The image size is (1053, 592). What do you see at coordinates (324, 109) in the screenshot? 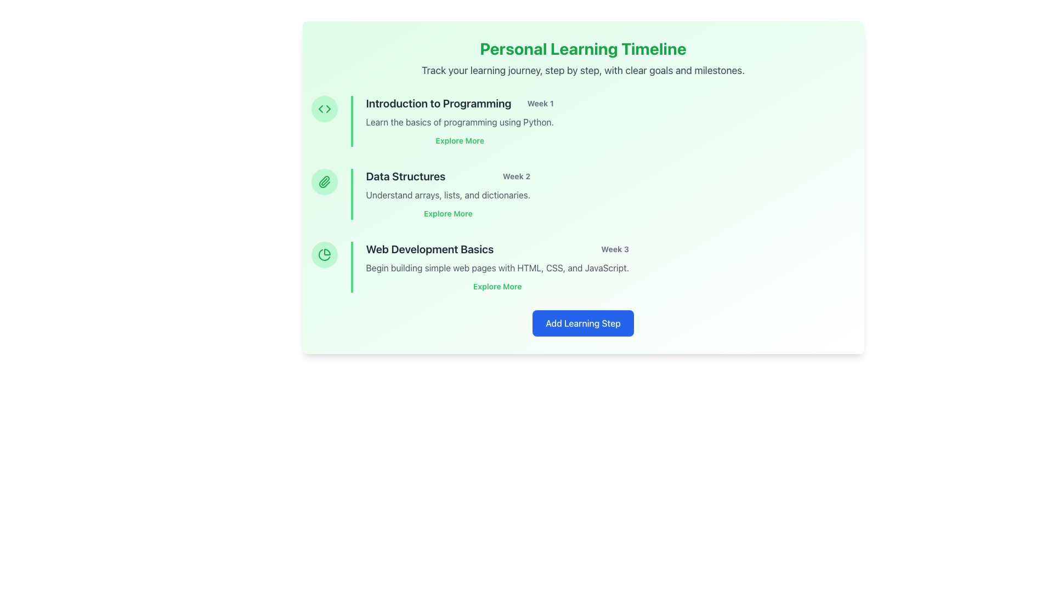
I see `the Decorative Icon at the beginning of the list item for 'Introduction to Programming'` at bounding box center [324, 109].